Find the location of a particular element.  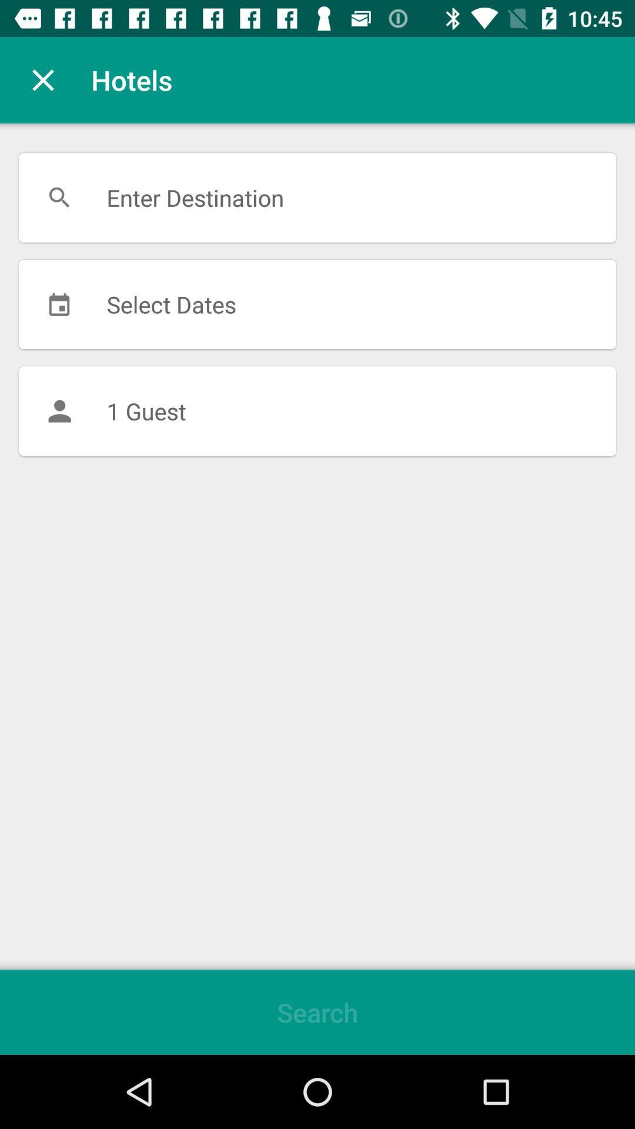

the item at the center is located at coordinates (317, 411).